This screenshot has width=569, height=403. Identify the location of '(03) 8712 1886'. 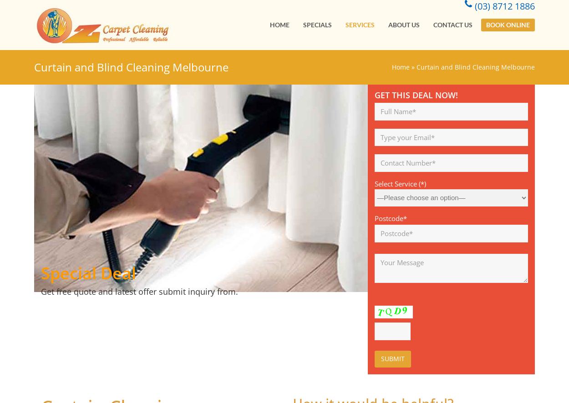
(510, 7).